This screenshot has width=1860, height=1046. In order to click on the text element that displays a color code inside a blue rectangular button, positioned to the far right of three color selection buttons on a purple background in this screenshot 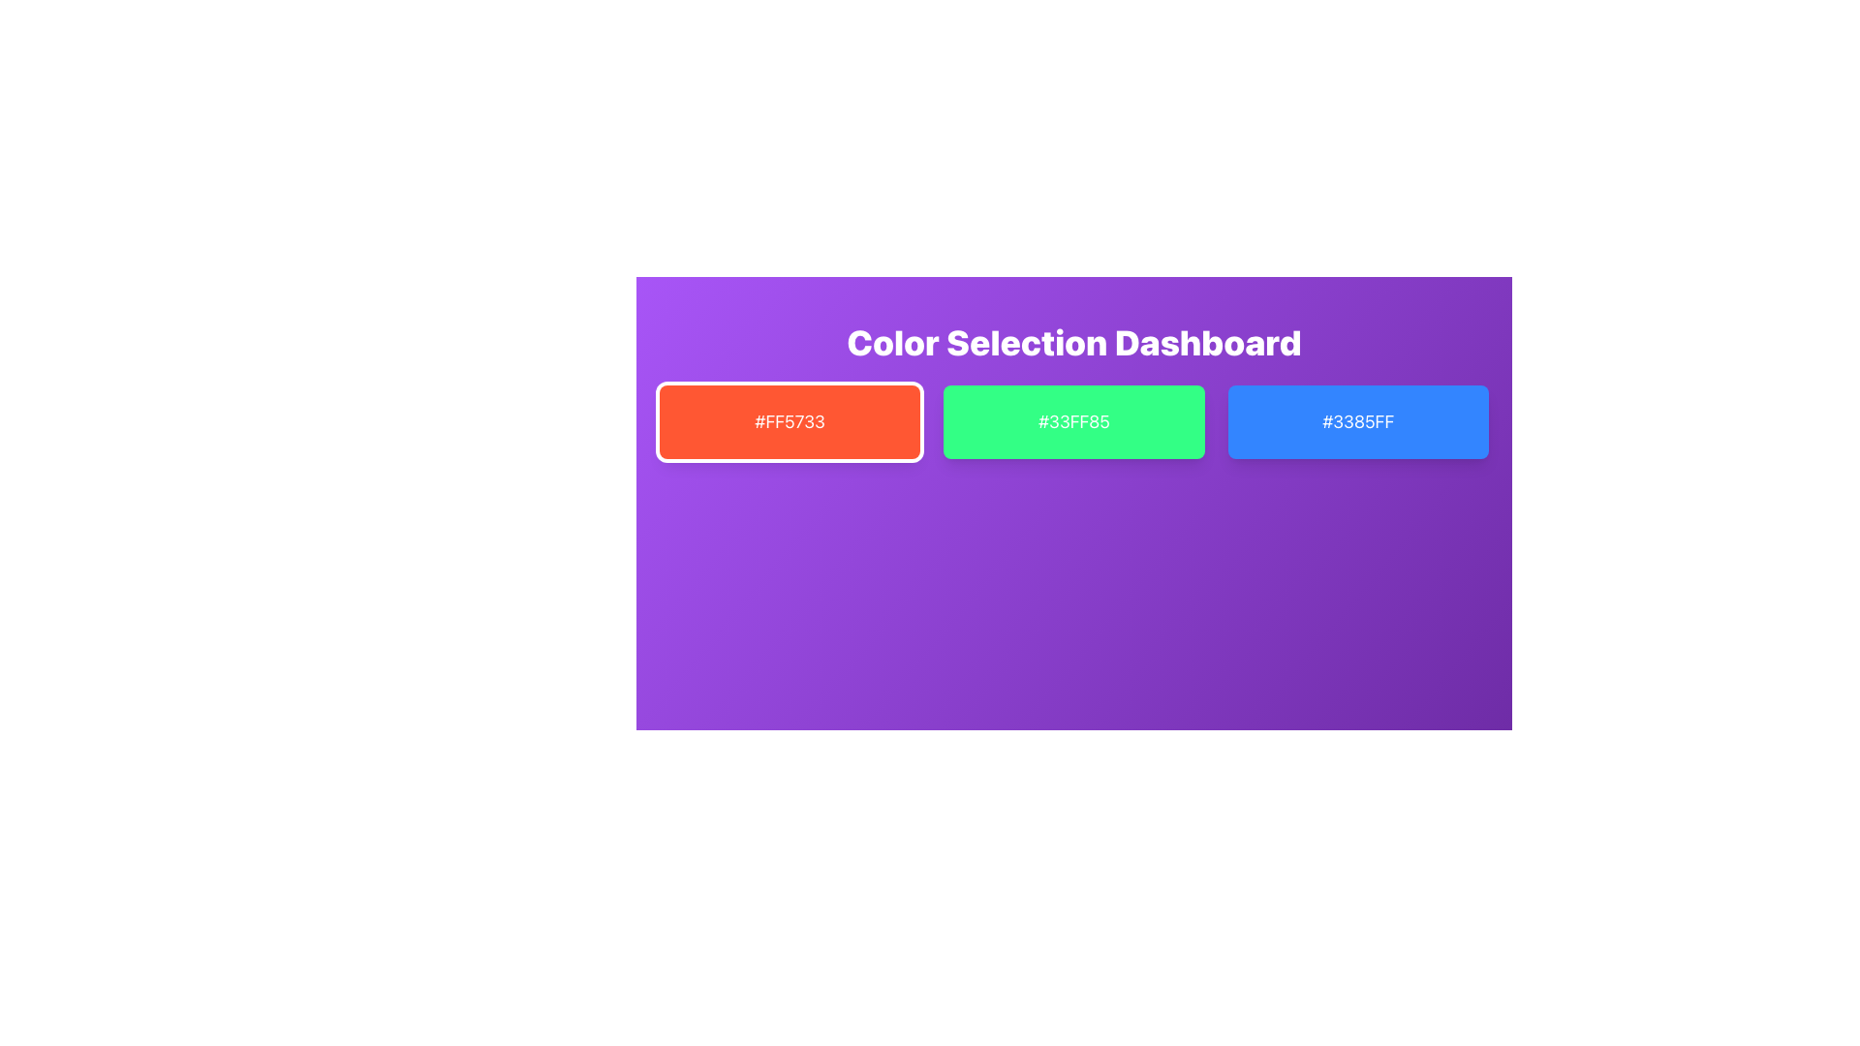, I will do `click(1357, 420)`.